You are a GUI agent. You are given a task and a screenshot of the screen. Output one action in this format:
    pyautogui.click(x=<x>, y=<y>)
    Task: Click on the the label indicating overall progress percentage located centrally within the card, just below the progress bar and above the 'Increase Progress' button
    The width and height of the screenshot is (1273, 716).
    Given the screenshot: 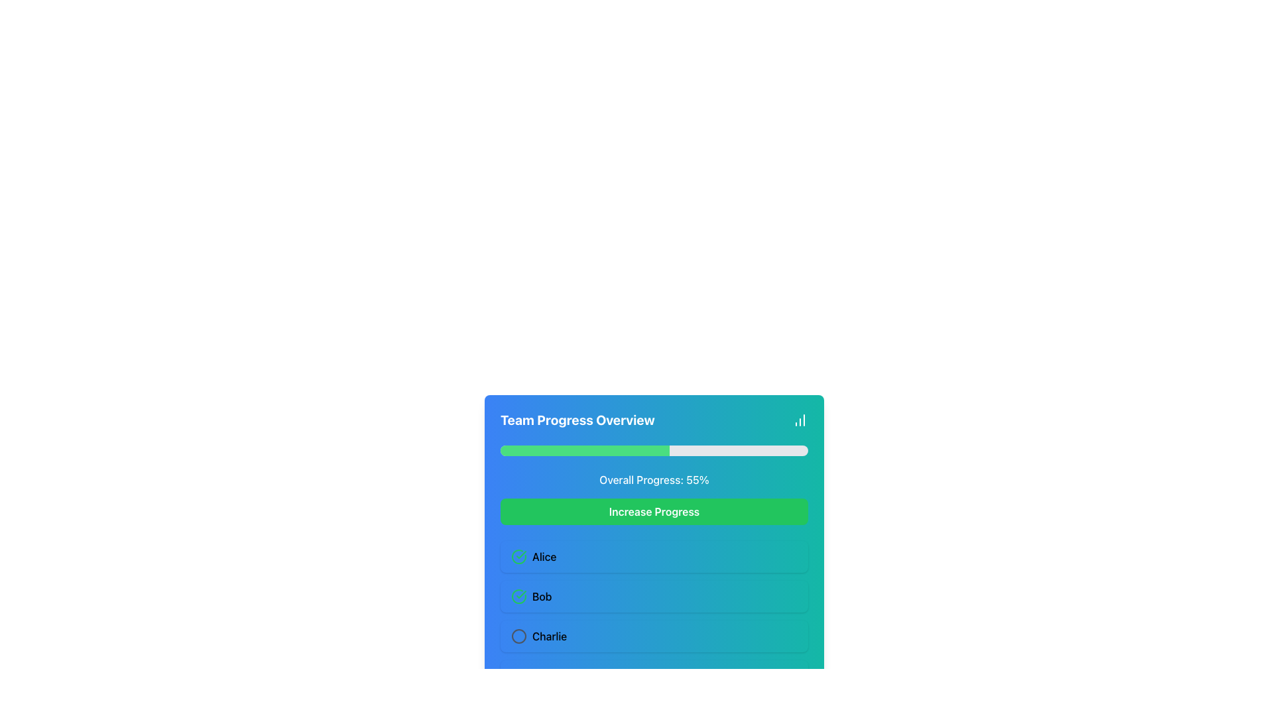 What is the action you would take?
    pyautogui.click(x=654, y=480)
    